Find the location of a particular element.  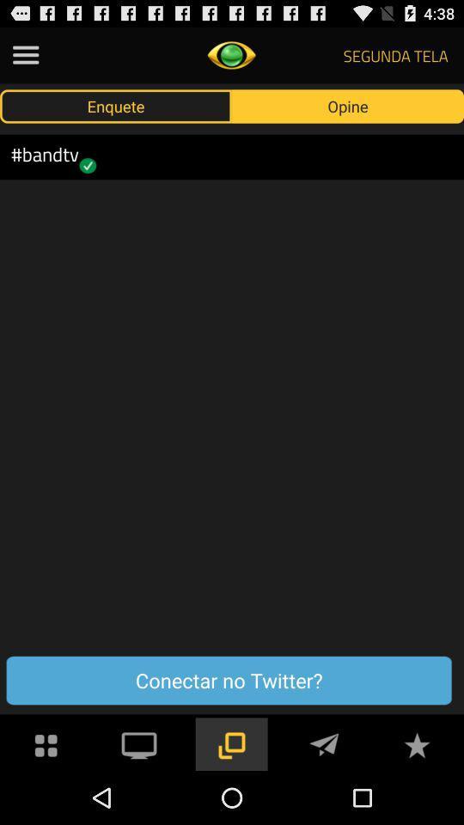

more apps is located at coordinates (46, 742).